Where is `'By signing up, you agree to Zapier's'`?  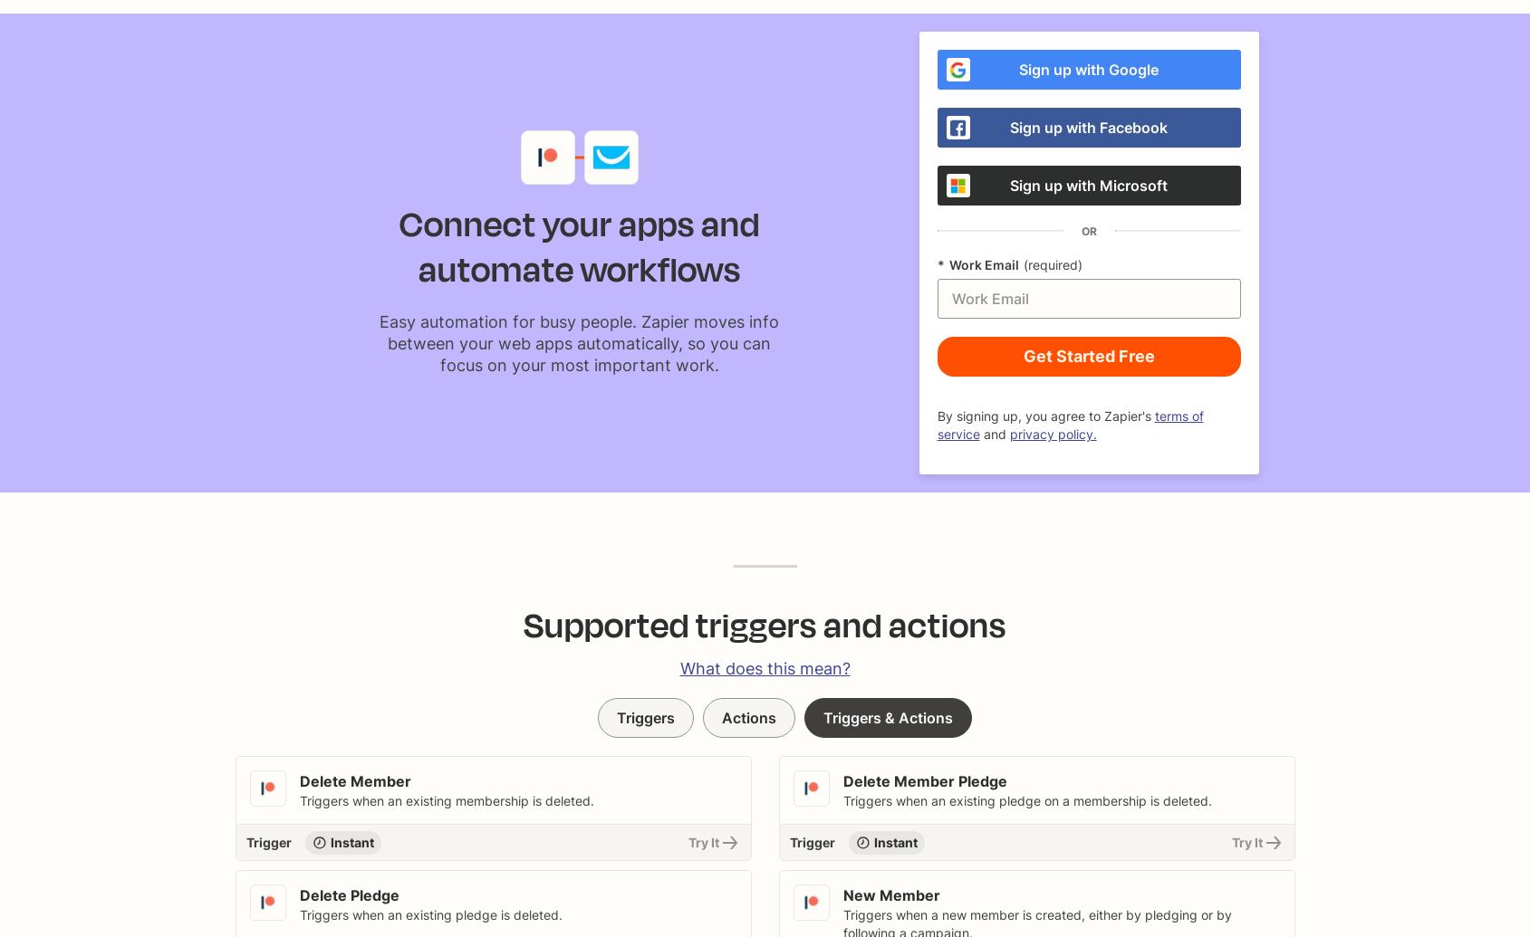 'By signing up, you agree to Zapier's' is located at coordinates (1043, 416).